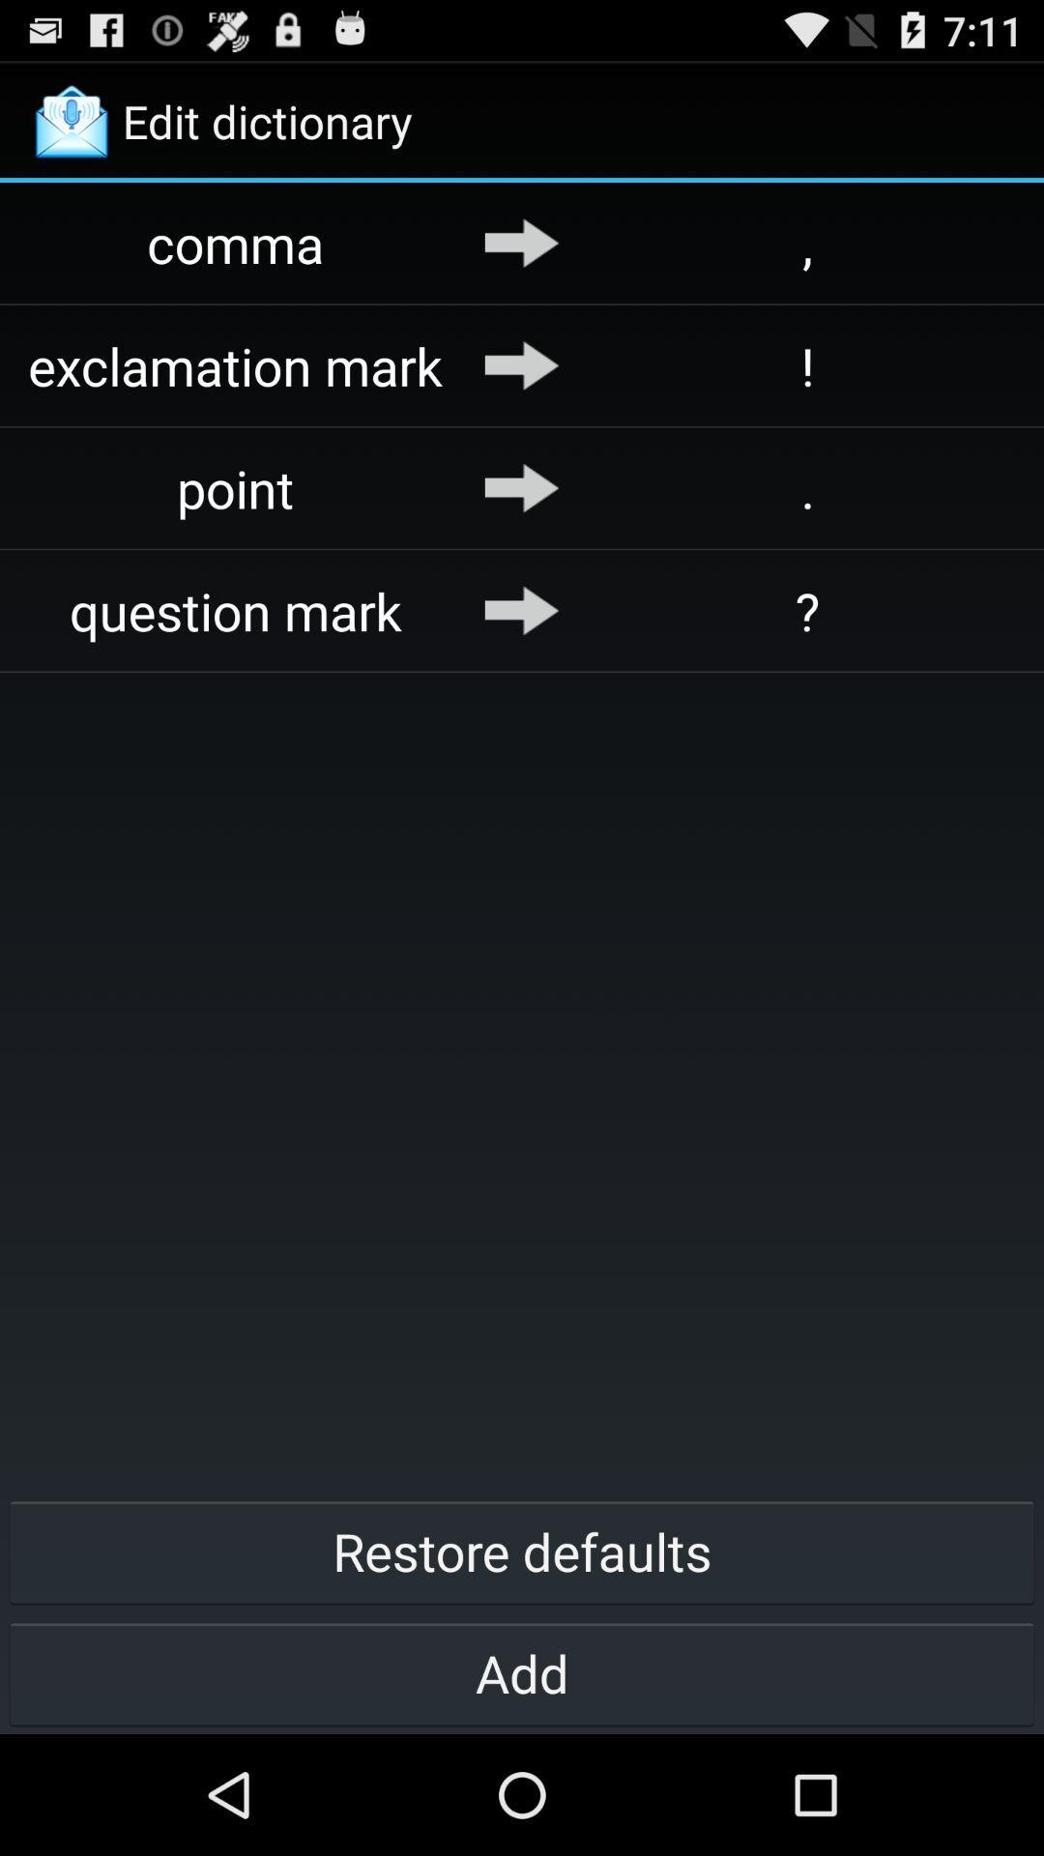  I want to click on icon to the left of ? app, so click(522, 609).